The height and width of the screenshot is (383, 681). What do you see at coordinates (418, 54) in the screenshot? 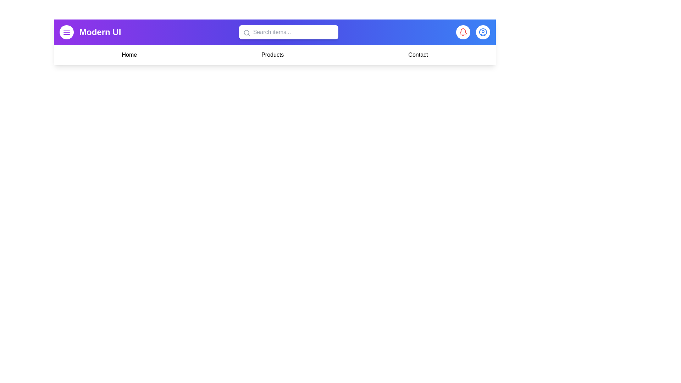
I see `the Contact navigation item` at bounding box center [418, 54].